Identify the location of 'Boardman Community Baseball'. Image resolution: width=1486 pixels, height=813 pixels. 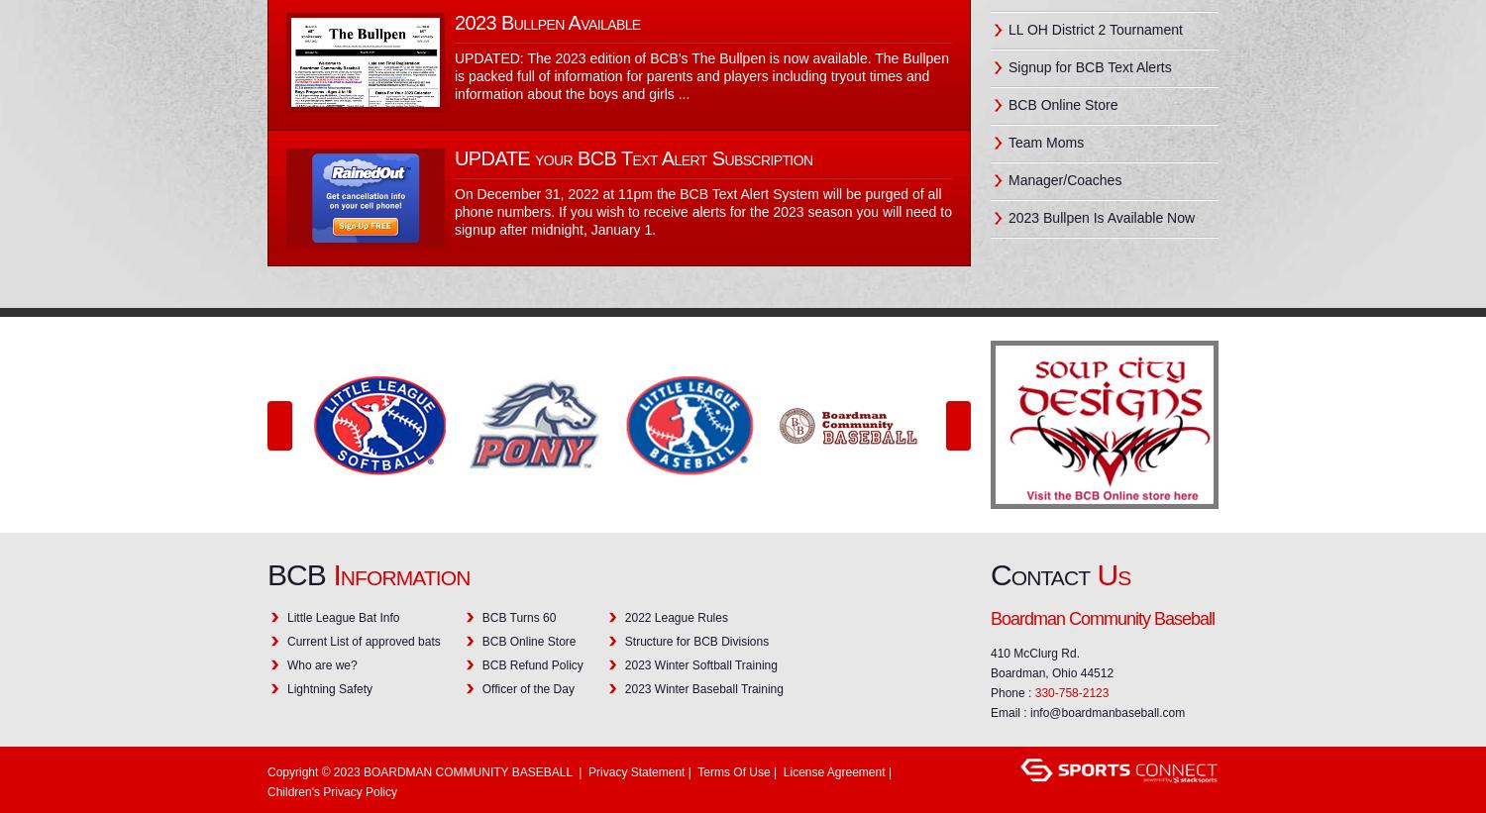
(1102, 619).